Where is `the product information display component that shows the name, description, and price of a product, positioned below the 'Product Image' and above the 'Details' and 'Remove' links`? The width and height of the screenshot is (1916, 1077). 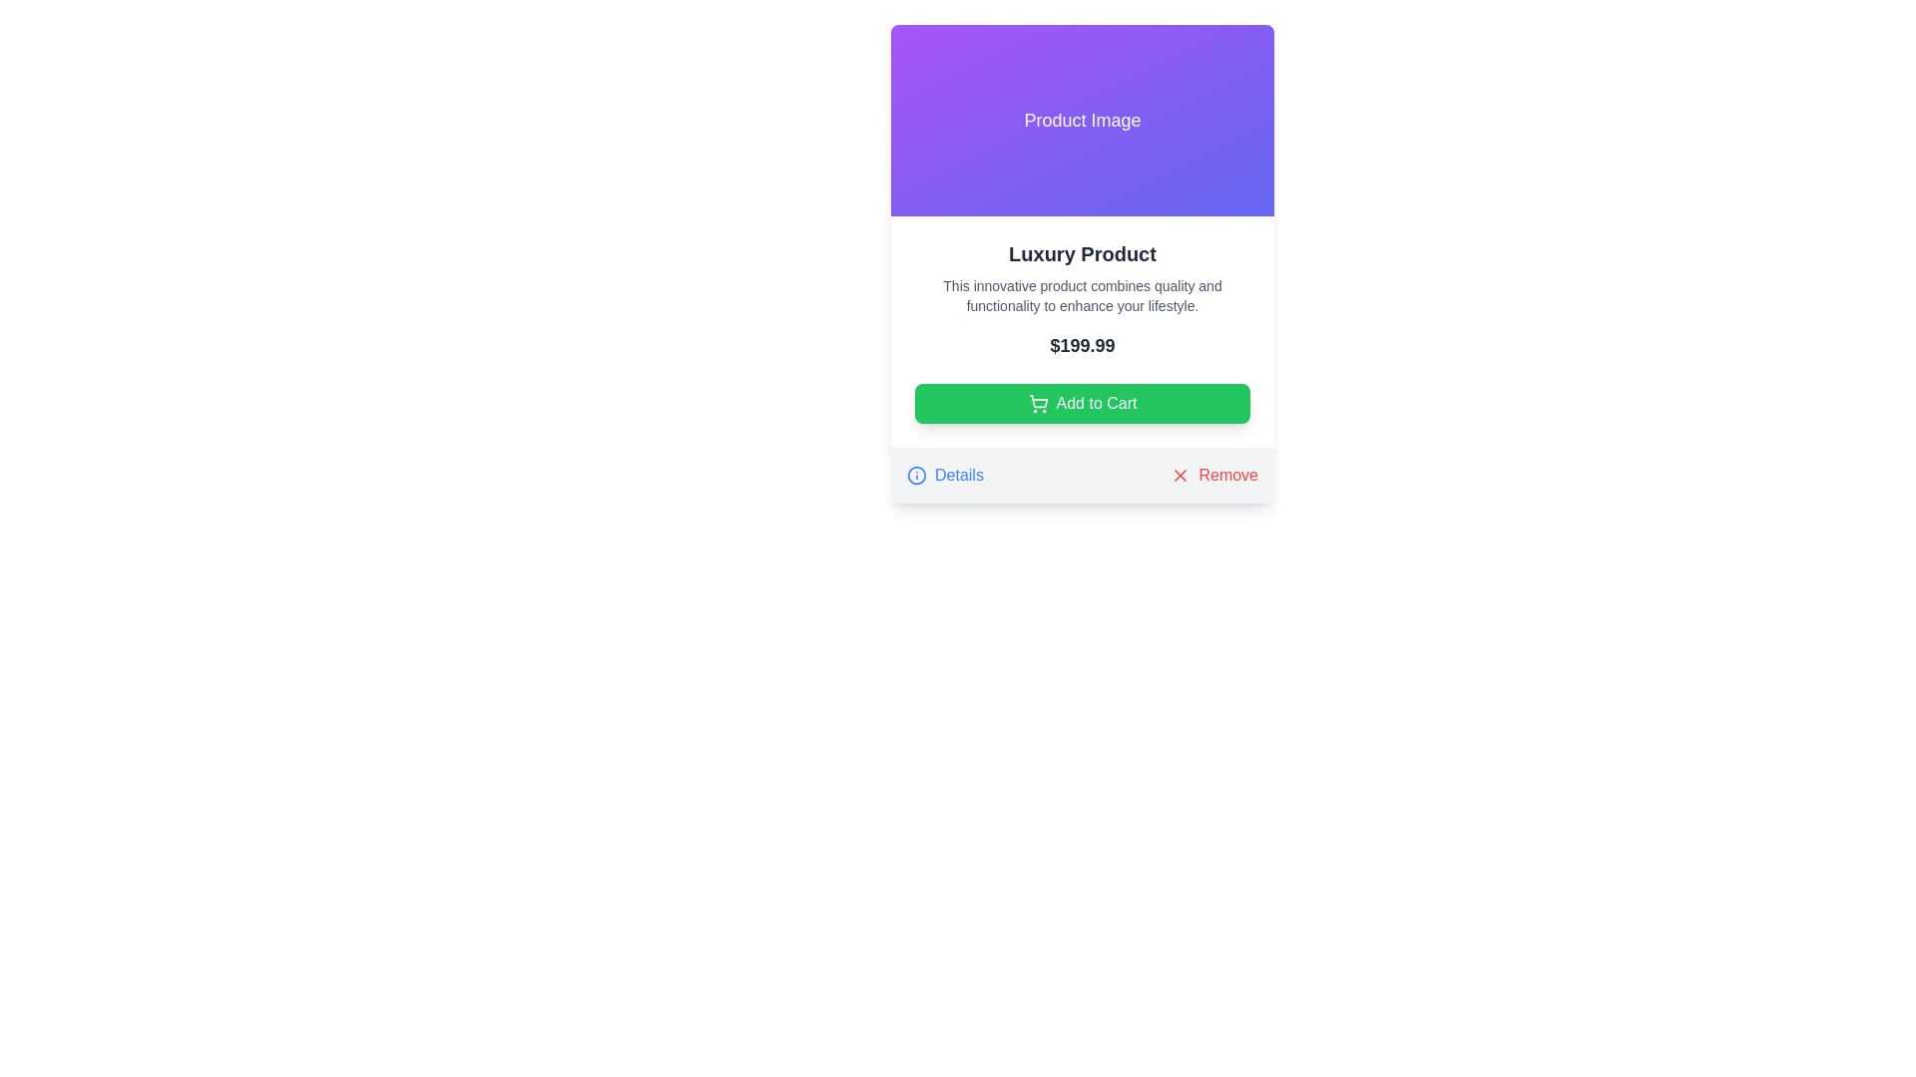
the product information display component that shows the name, description, and price of a product, positioned below the 'Product Image' and above the 'Details' and 'Remove' links is located at coordinates (1081, 330).